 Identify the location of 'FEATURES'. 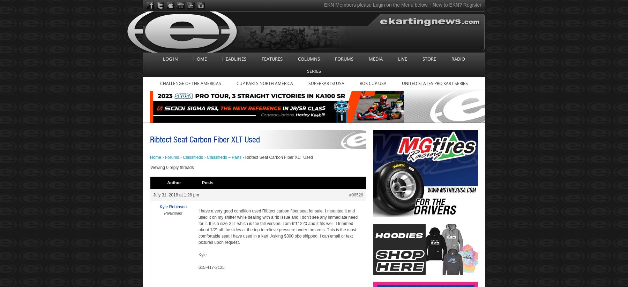
(261, 59).